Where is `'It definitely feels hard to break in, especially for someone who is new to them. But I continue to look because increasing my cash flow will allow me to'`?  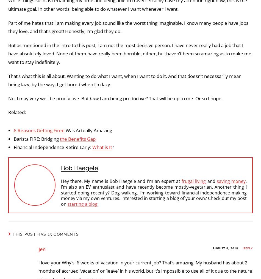
'It definitely feels hard to break in, especially for someone who is new to them. But I continue to look because increasing my cash flow will allow me to' is located at coordinates (124, 49).